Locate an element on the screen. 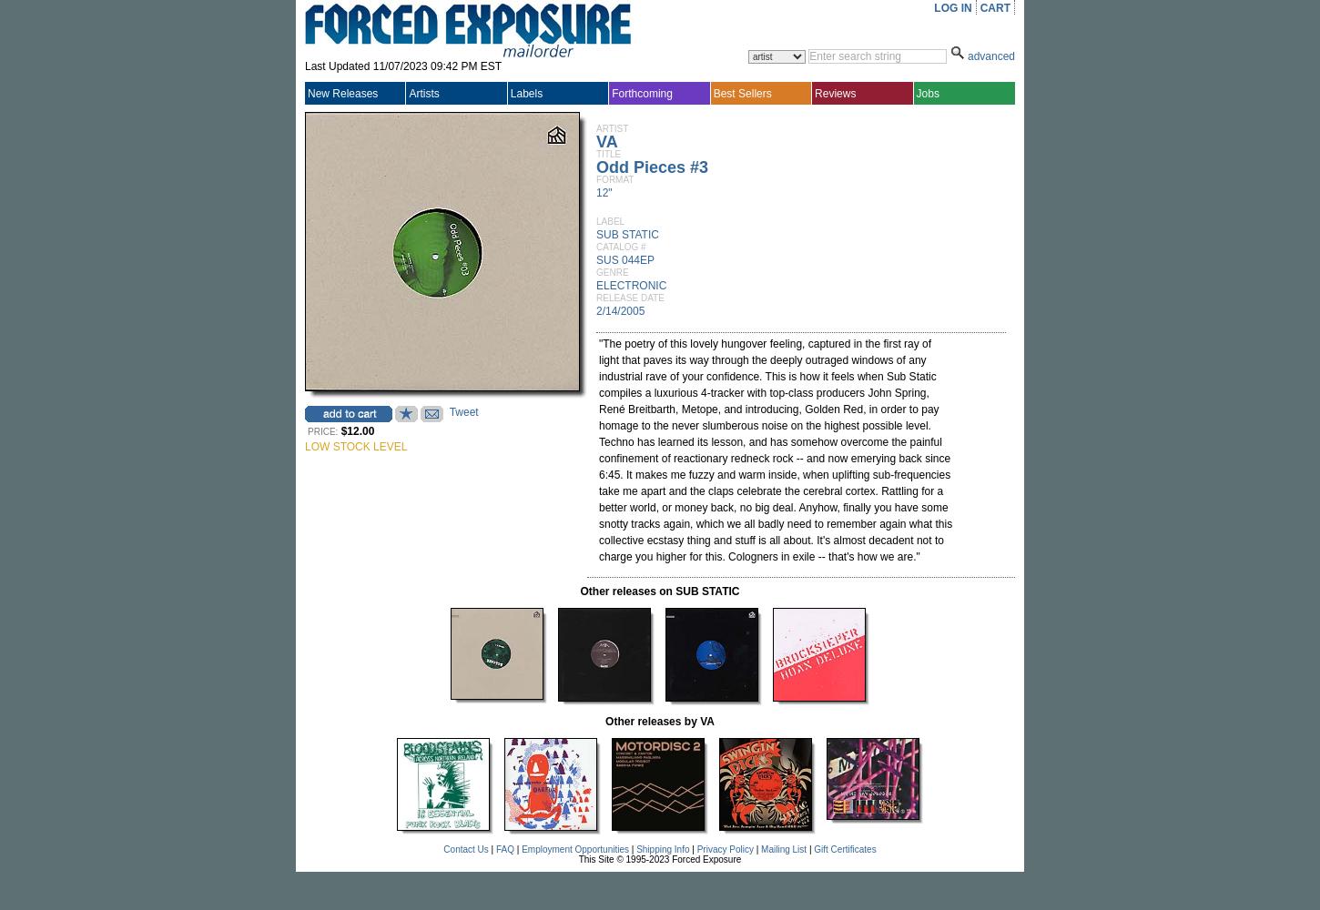 The image size is (1320, 910). 'New Releases' is located at coordinates (341, 92).